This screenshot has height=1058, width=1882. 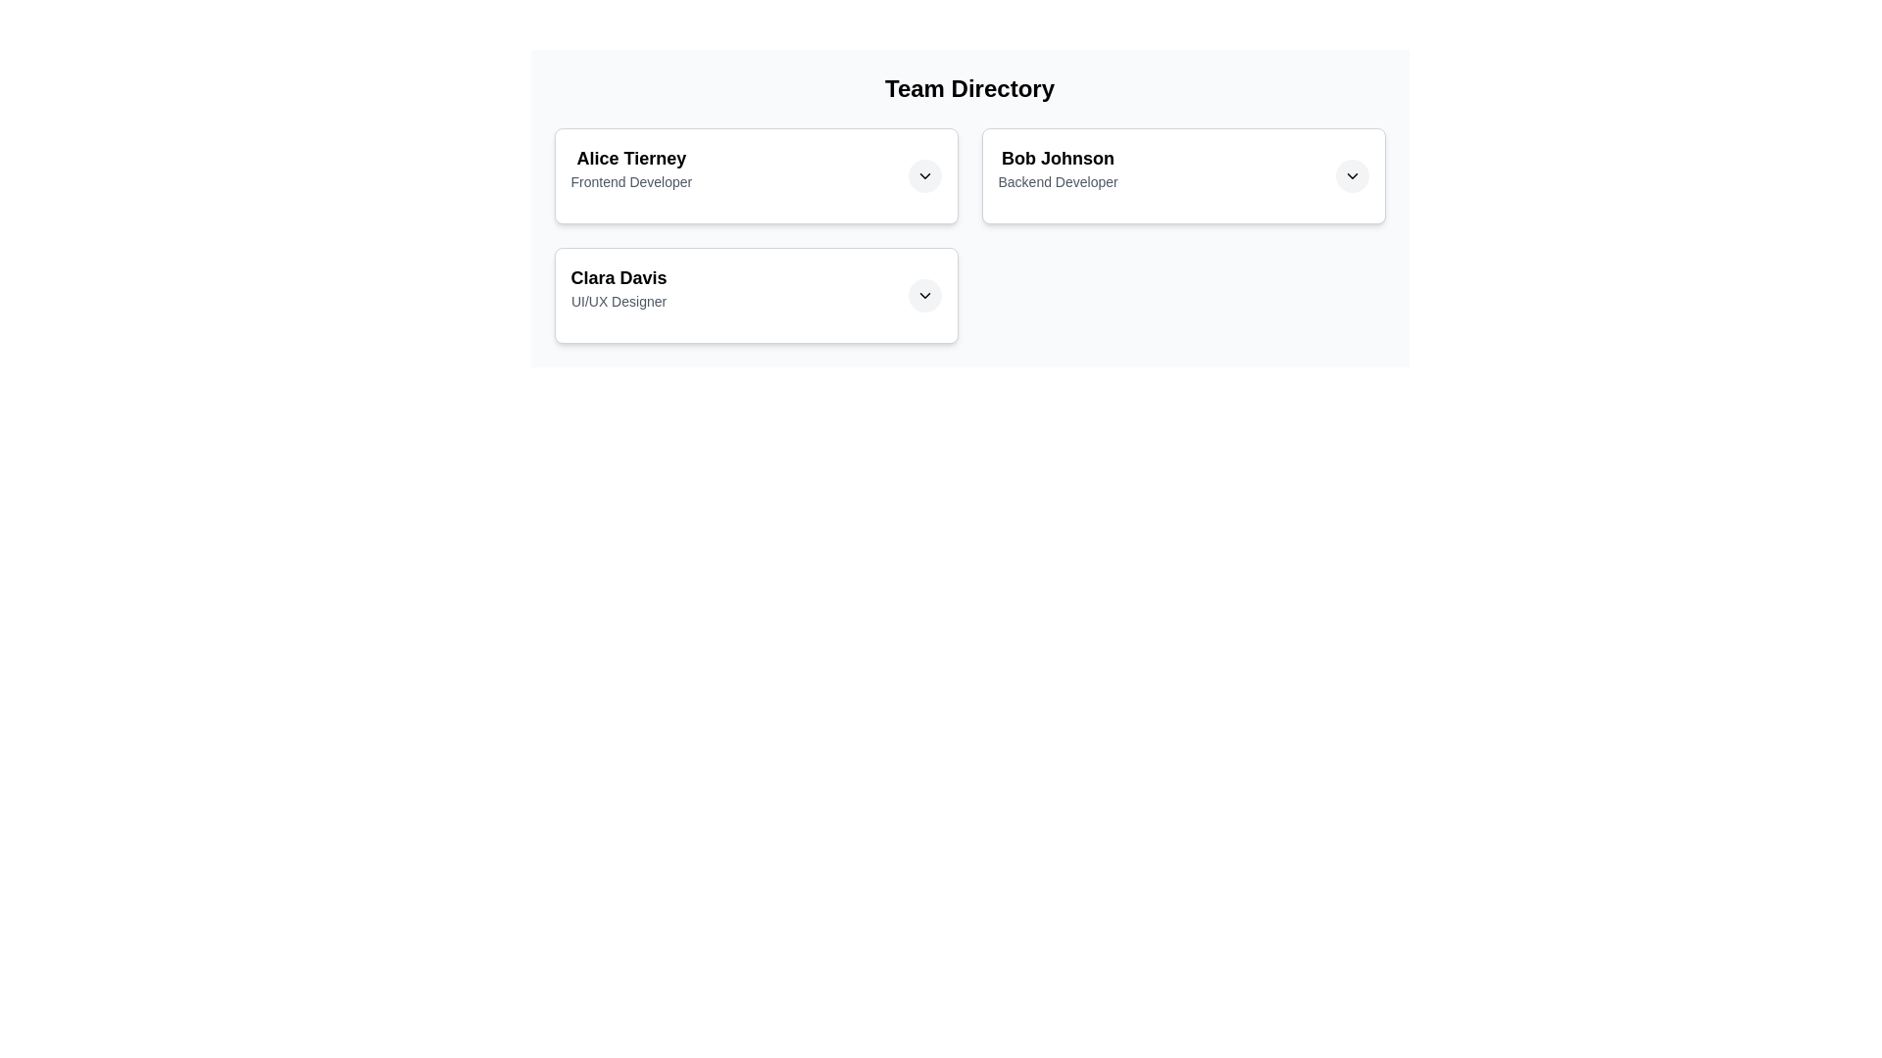 I want to click on the Label displaying 'Clara Davis' and 'UI/UX Designer' in the grid of user cards, so click(x=618, y=295).